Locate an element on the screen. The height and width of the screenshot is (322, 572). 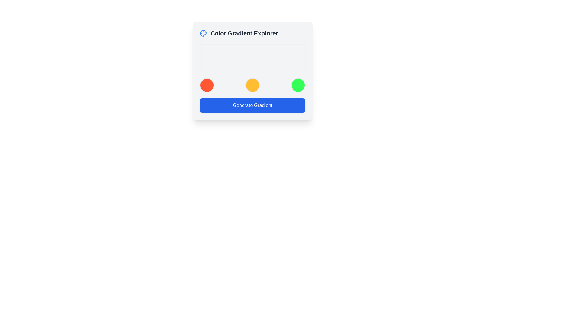
surrounding elements using the SVG palette icon as a visual anchor, which is located at the far left of the header bar in the 'Color Gradient Explorer' section is located at coordinates (203, 33).